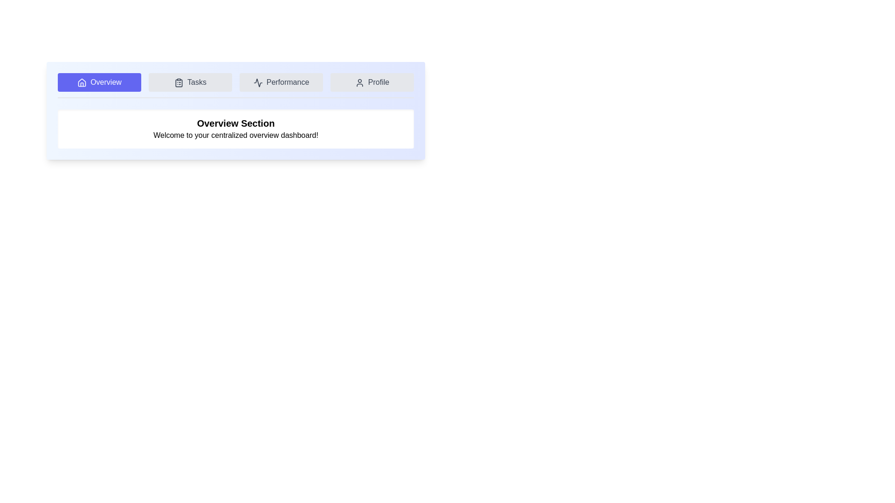  I want to click on the 'Overview Section' which contains a bold title and a description text, located centrally below the header navigation menu, so click(235, 129).